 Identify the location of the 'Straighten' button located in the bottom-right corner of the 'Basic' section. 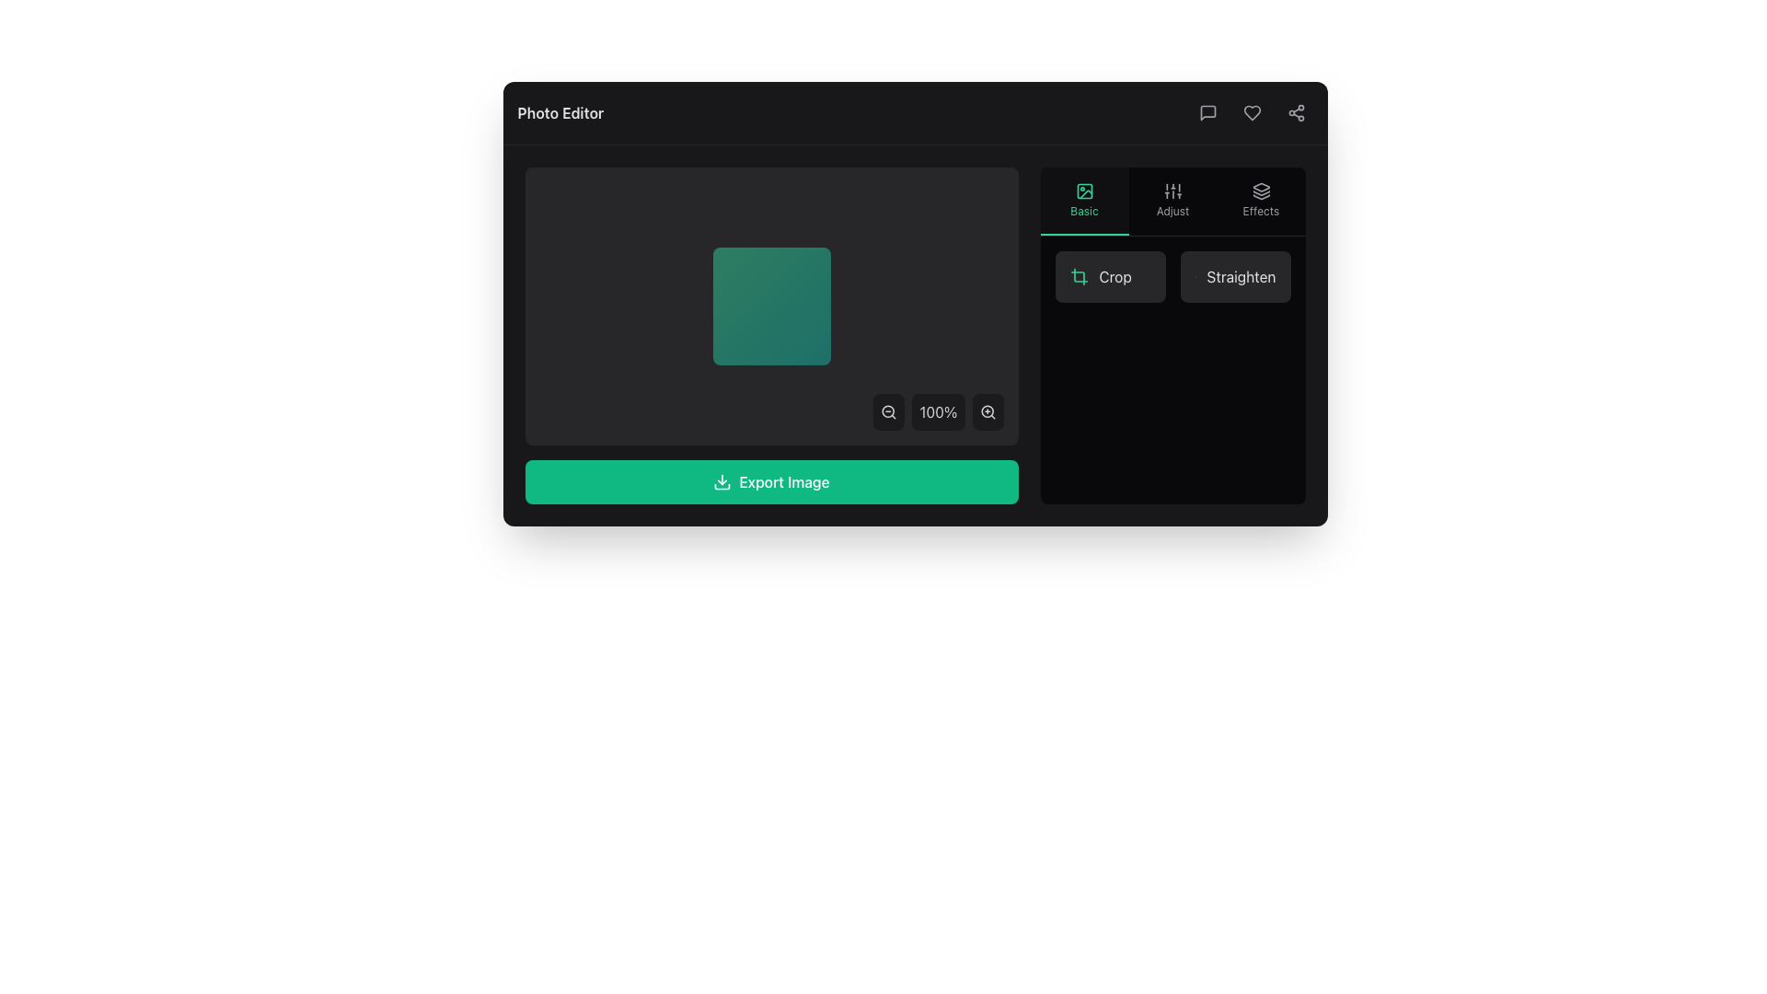
(1235, 276).